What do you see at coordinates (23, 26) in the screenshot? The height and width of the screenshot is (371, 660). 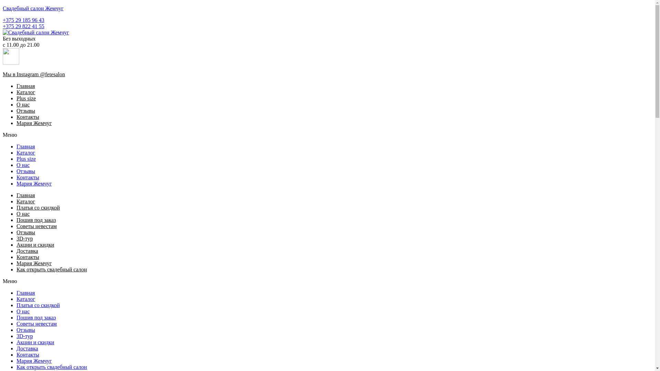 I see `'+375 29 822 41 55'` at bounding box center [23, 26].